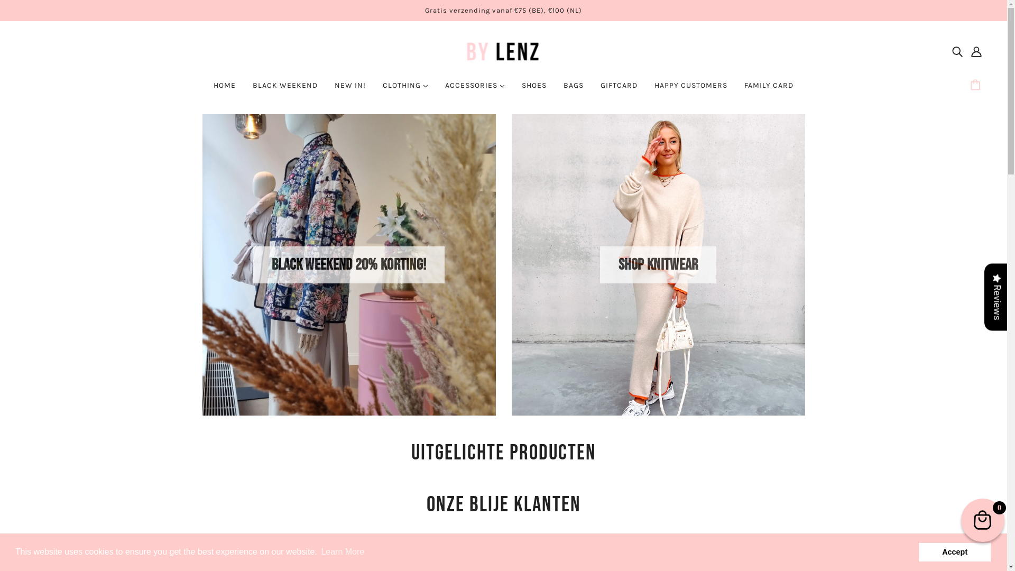 The image size is (1015, 571). I want to click on 'By Lenz', so click(457, 51).